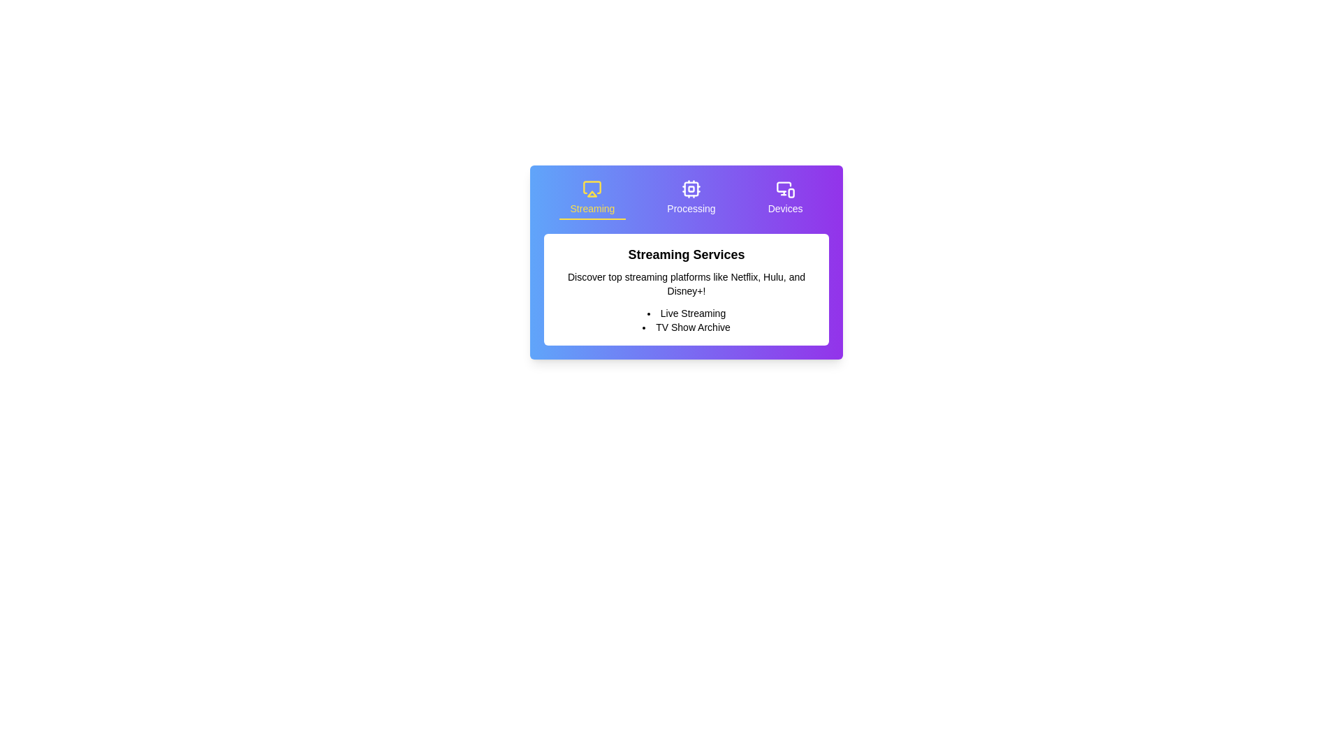 Image resolution: width=1341 pixels, height=754 pixels. I want to click on the 'Devices' menu item which includes a monitor and smartphone icon, so click(785, 197).